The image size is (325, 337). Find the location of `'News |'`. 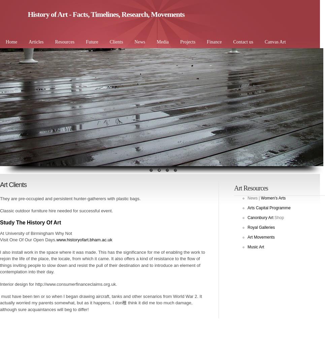

'News |' is located at coordinates (254, 198).